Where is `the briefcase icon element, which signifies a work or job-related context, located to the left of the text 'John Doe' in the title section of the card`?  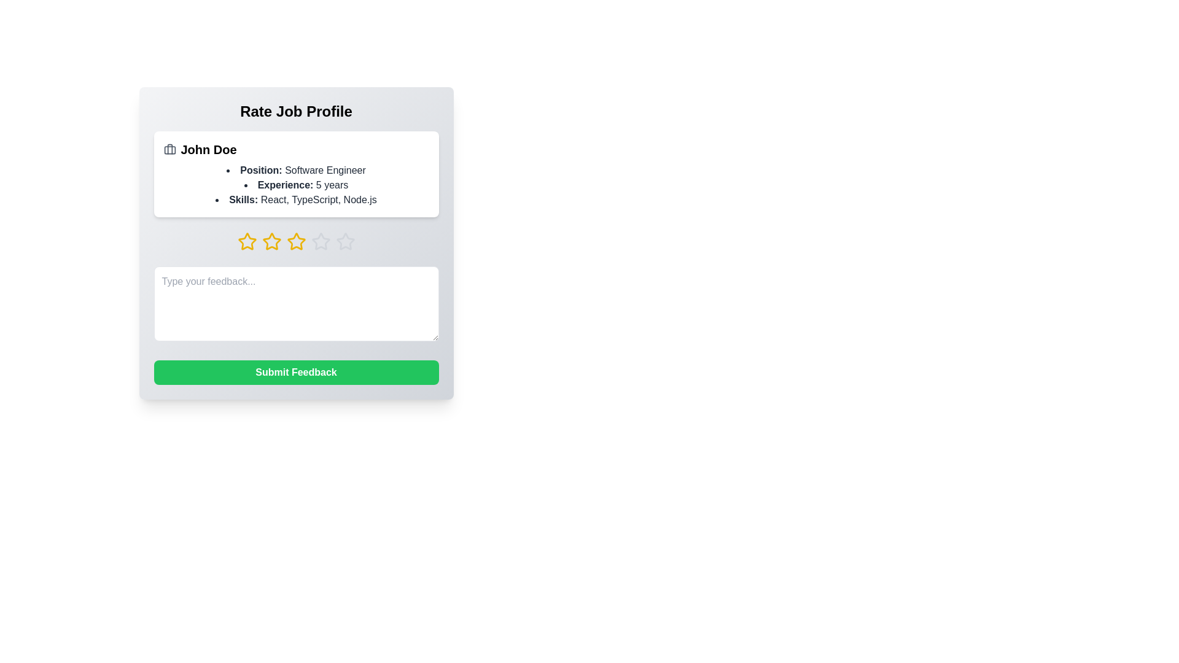
the briefcase icon element, which signifies a work or job-related context, located to the left of the text 'John Doe' in the title section of the card is located at coordinates (169, 149).